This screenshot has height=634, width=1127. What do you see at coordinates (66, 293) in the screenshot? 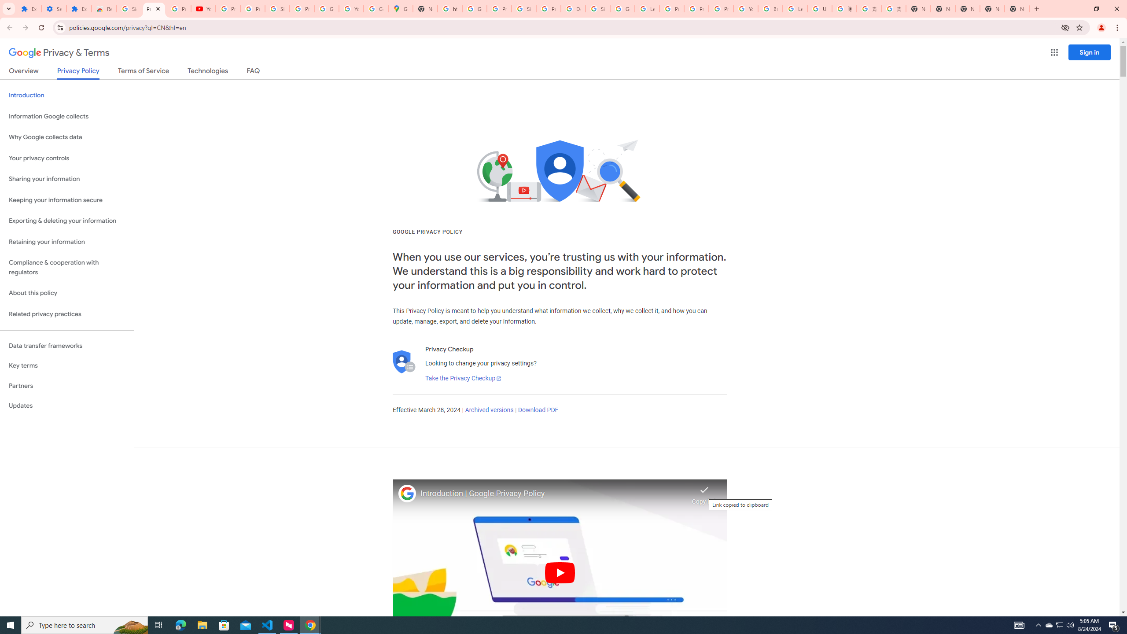
I see `'About this policy'` at bounding box center [66, 293].